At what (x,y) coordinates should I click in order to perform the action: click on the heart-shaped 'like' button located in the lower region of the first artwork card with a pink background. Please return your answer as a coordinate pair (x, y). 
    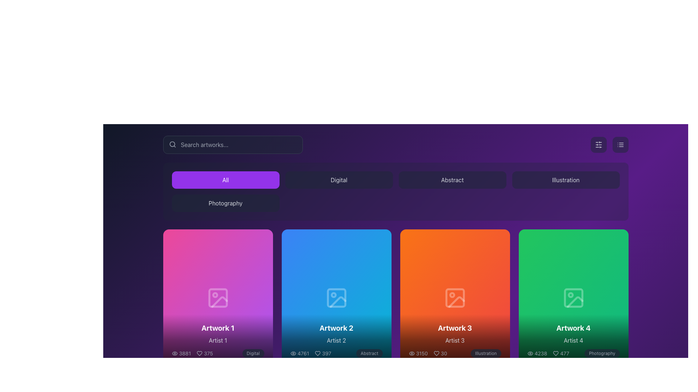
    Looking at the image, I should click on (196, 298).